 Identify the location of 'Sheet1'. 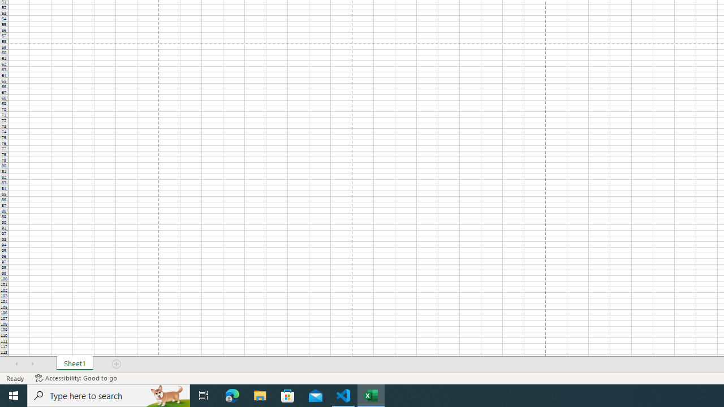
(74, 364).